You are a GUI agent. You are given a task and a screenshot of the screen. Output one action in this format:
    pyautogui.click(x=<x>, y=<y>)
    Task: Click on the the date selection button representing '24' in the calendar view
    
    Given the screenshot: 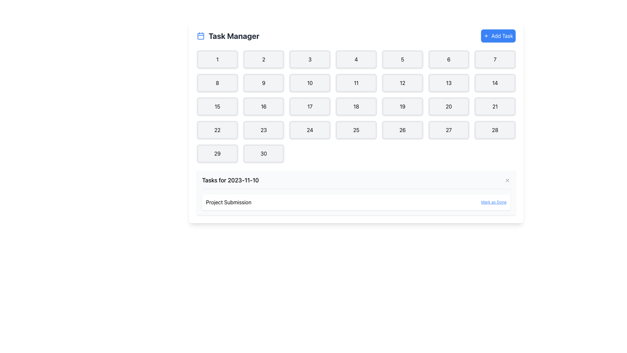 What is the action you would take?
    pyautogui.click(x=310, y=130)
    